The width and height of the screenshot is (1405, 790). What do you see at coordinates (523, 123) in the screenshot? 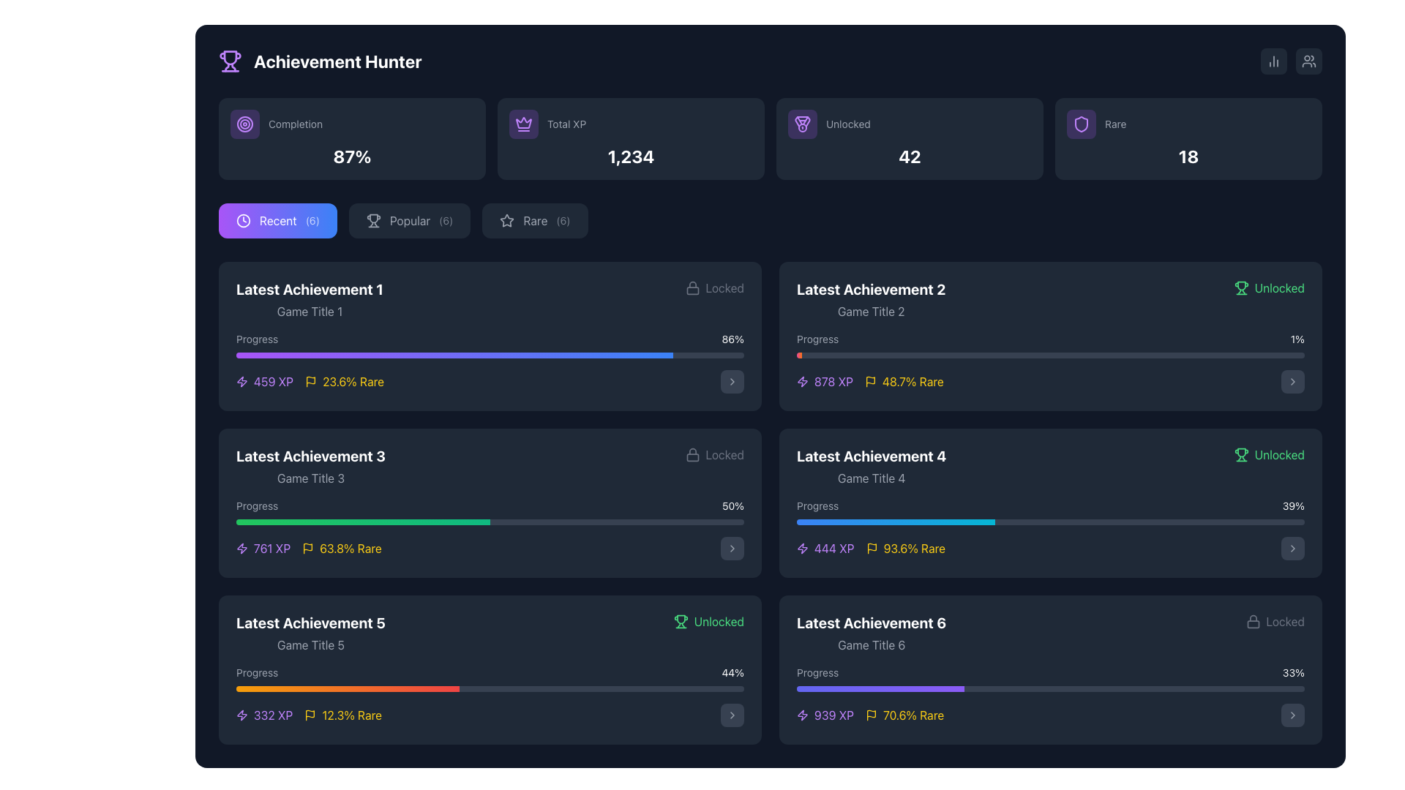
I see `the decorative icon enhancing the visual representation of the 'Total XP' card, located at the top-center section of the interface` at bounding box center [523, 123].